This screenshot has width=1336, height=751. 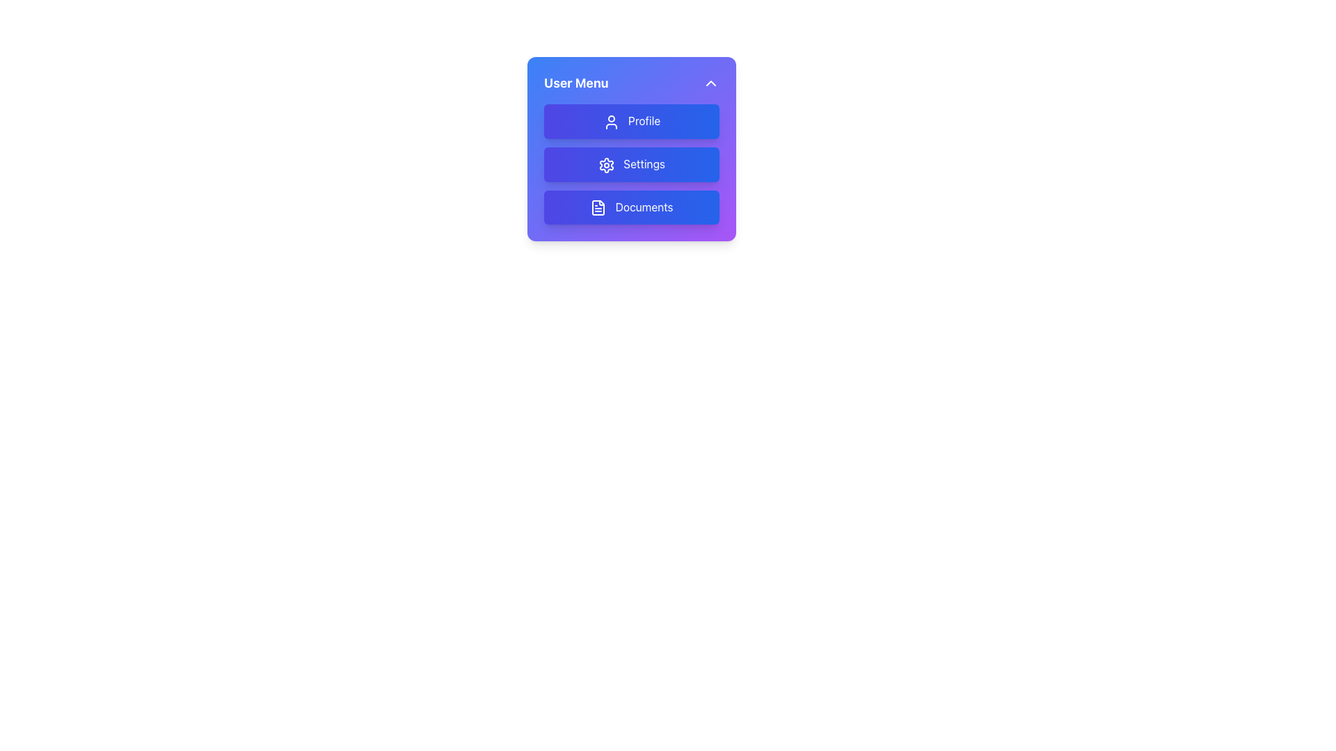 I want to click on the 'Documents' button, which is the third button in the vertical stack under 'Profile' and 'Settings', represented by the document icon, so click(x=598, y=208).